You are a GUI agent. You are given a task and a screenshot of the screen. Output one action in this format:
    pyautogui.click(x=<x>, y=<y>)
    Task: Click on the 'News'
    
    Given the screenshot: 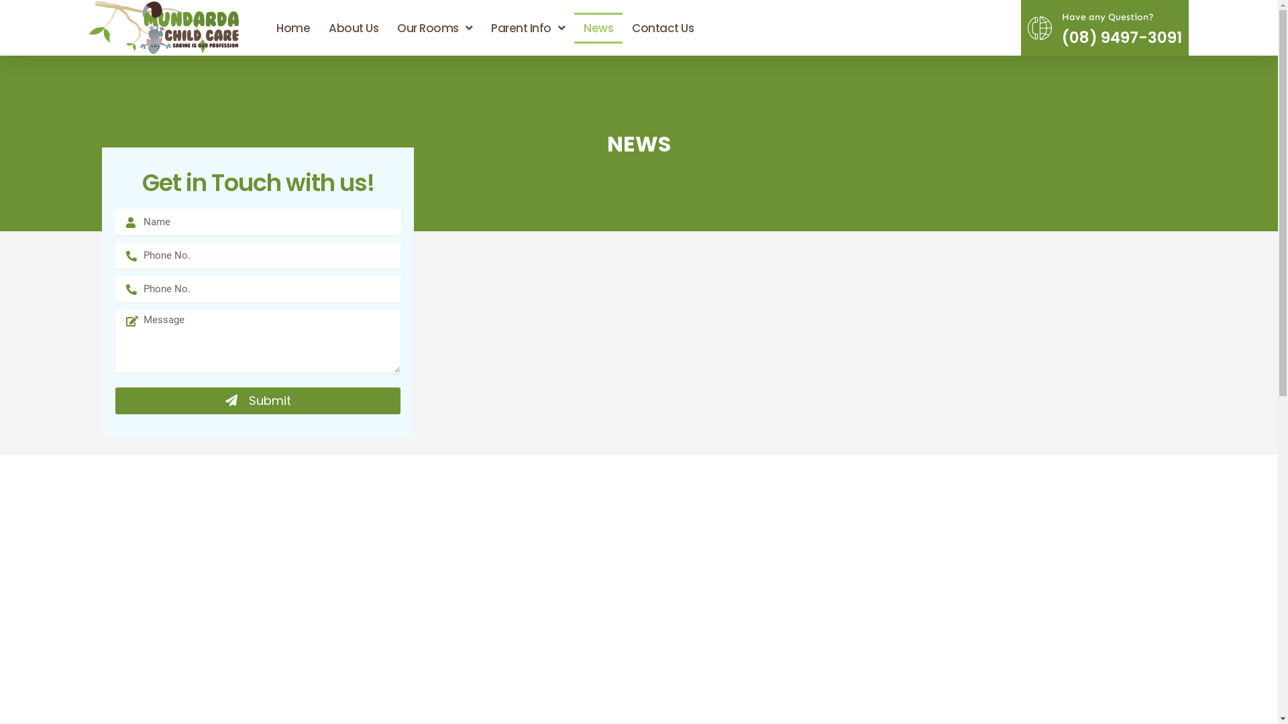 What is the action you would take?
    pyautogui.click(x=598, y=28)
    